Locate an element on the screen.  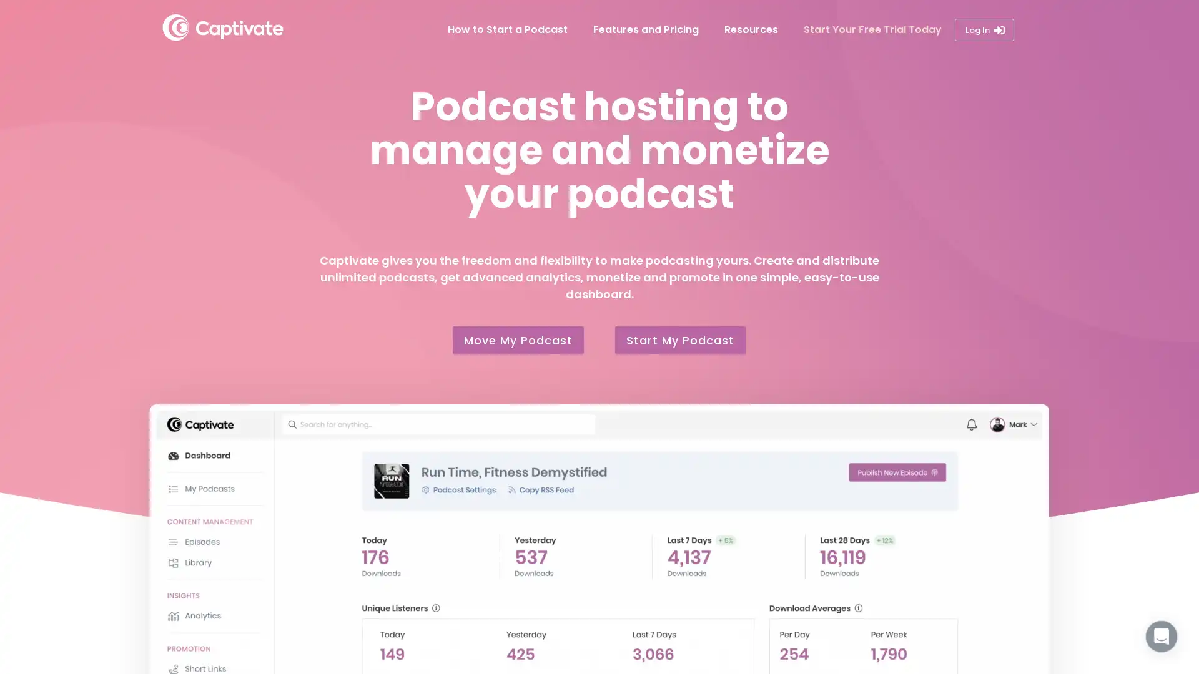
Open Intercom Messenger is located at coordinates (1161, 636).